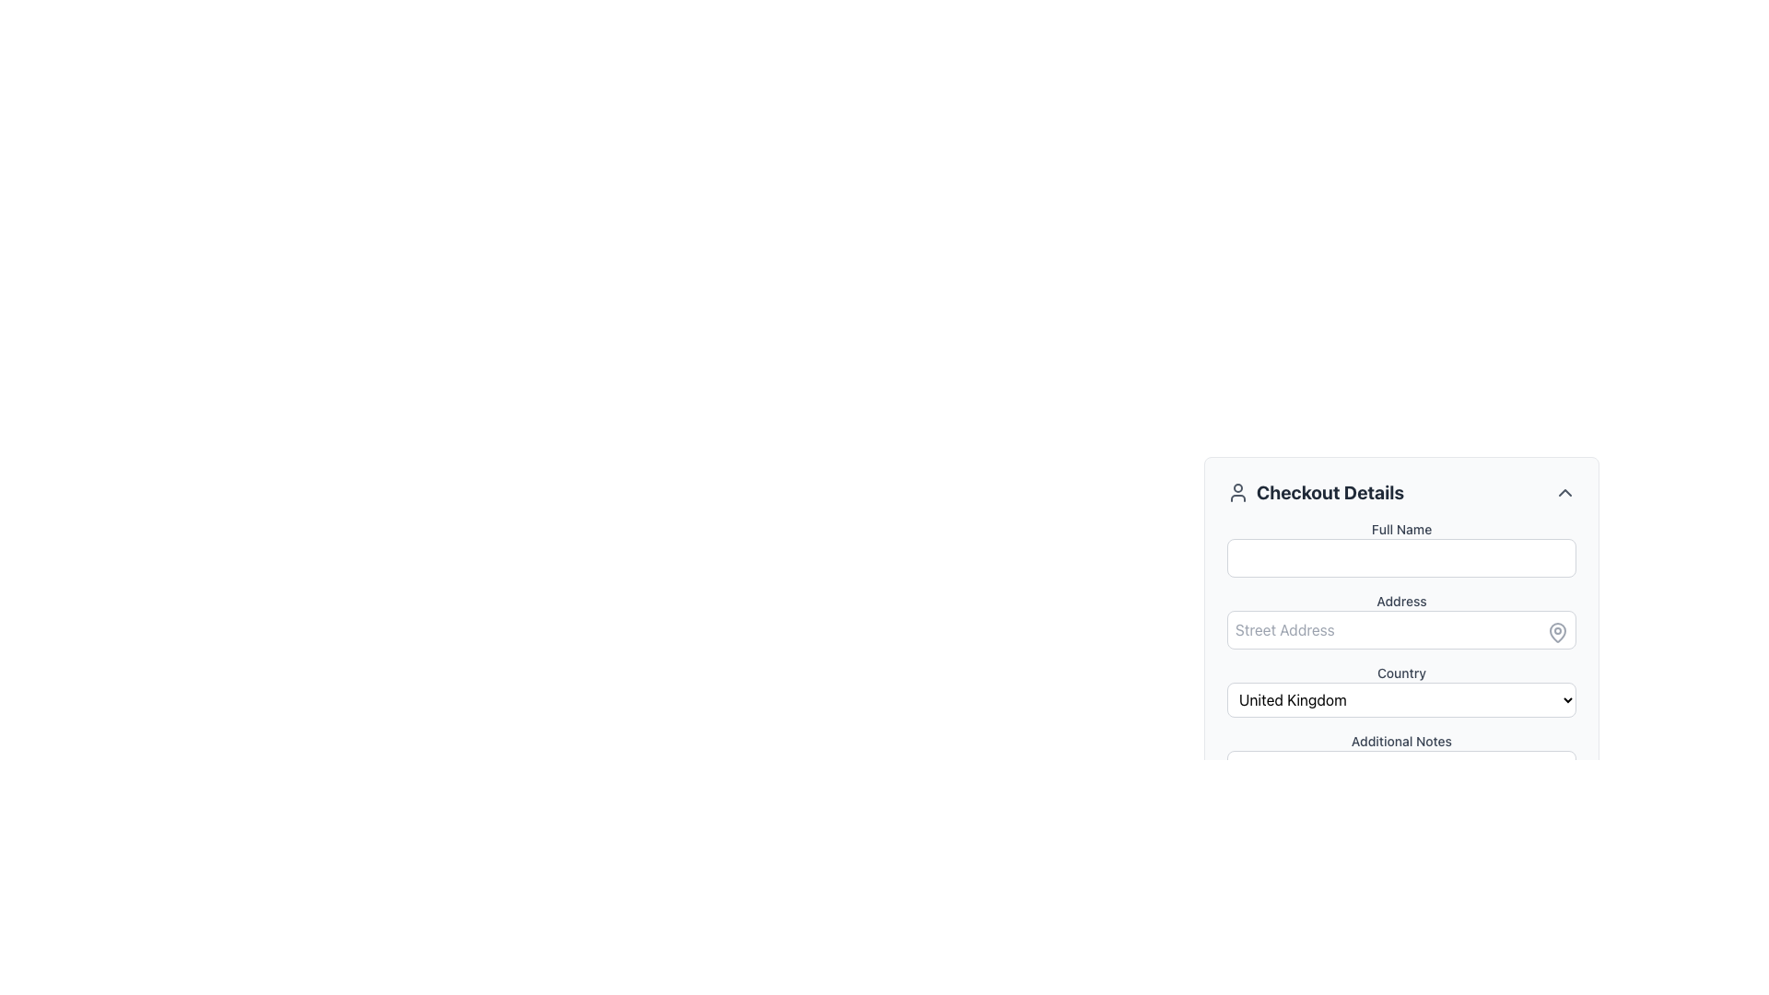 This screenshot has height=995, width=1769. What do you see at coordinates (1400, 601) in the screenshot?
I see `the 'Address' text label, which is a small, bold, gray label positioned above the 'Street Address' input field in the 'Checkout Details' section` at bounding box center [1400, 601].